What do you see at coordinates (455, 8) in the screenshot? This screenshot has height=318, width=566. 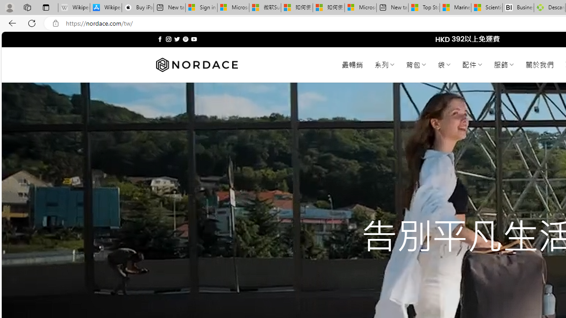 I see `'Marine life - MSN'` at bounding box center [455, 8].